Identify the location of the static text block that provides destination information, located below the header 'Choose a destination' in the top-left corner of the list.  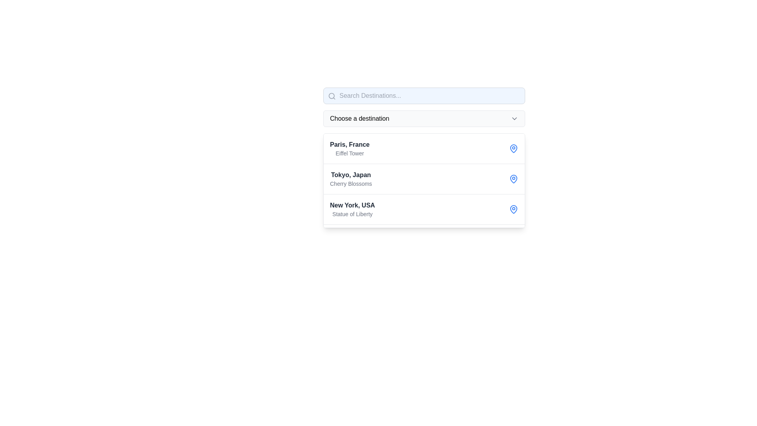
(349, 149).